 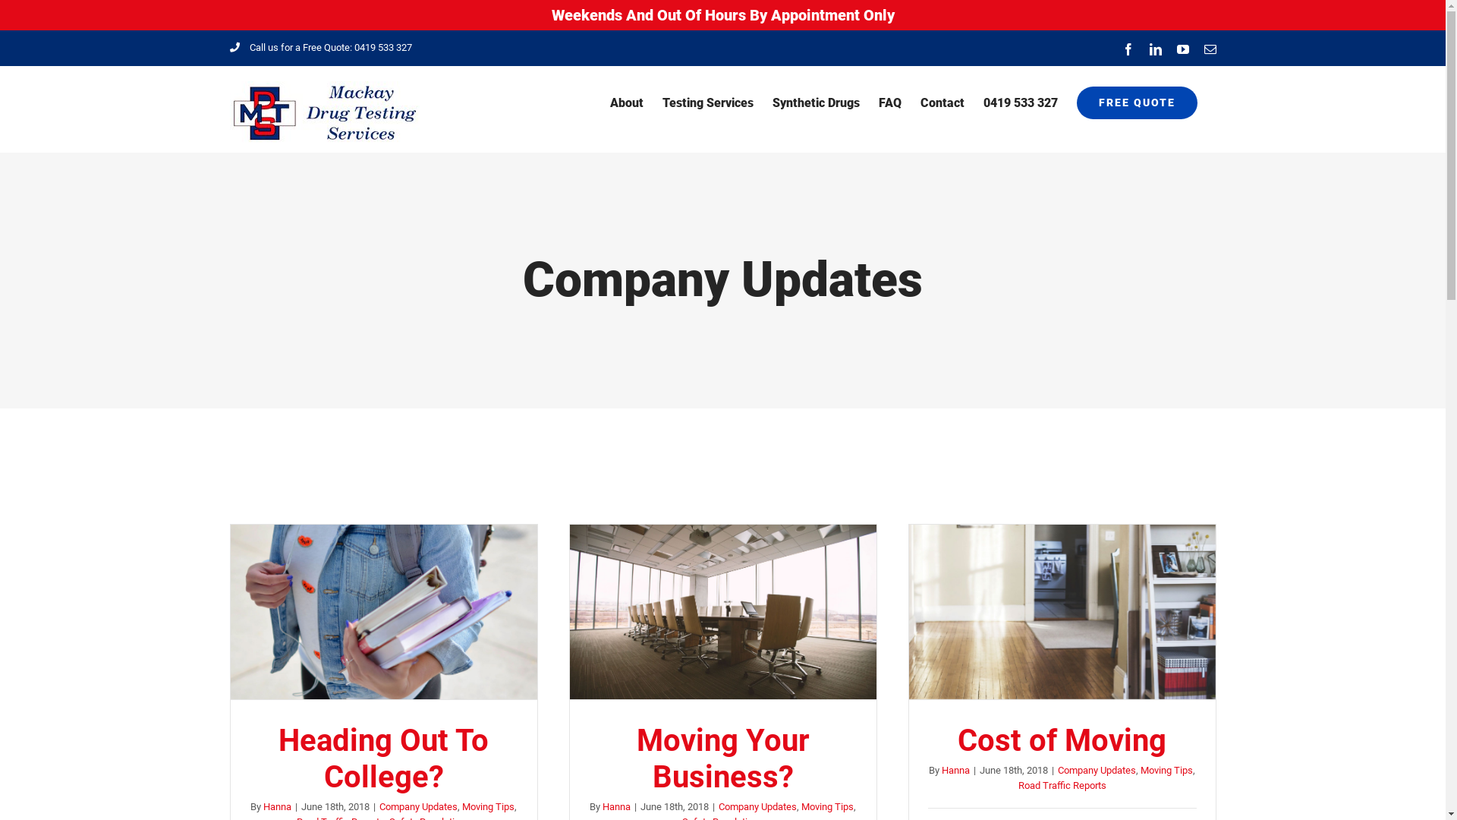 I want to click on 'LinkedIn', so click(x=1153, y=48).